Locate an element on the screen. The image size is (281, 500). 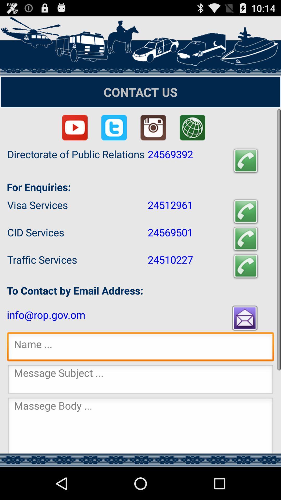
the call icon is located at coordinates (246, 172).